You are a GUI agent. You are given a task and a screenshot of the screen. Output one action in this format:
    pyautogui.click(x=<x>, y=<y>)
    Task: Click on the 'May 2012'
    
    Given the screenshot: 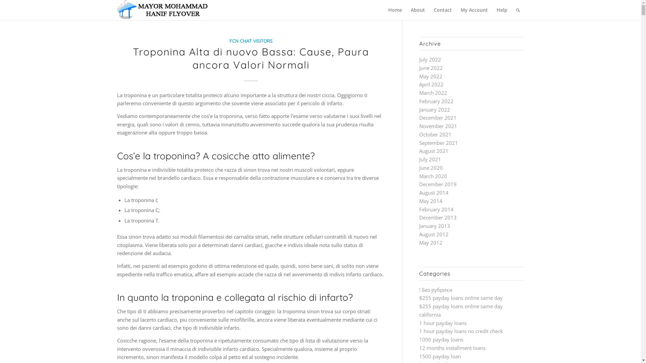 What is the action you would take?
    pyautogui.click(x=419, y=242)
    